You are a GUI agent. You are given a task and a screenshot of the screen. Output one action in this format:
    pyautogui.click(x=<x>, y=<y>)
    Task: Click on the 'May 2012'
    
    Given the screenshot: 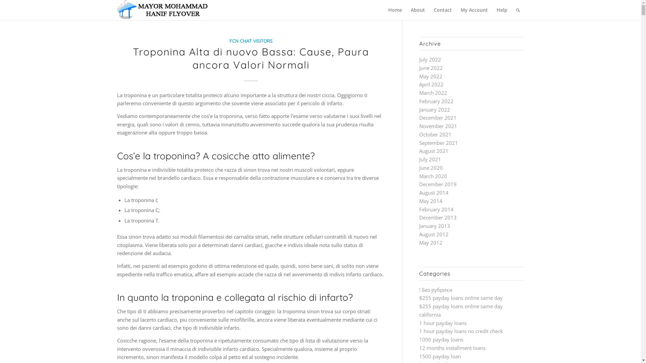 What is the action you would take?
    pyautogui.click(x=419, y=242)
    